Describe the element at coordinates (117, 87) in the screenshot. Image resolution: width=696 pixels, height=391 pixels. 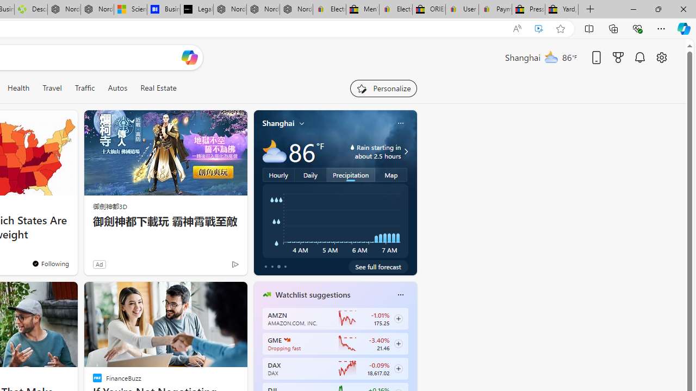
I see `'Autos'` at that location.